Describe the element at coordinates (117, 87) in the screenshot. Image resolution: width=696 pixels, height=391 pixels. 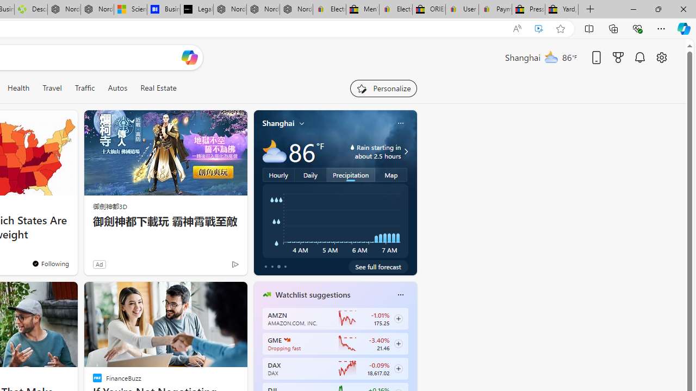
I see `'Autos'` at that location.